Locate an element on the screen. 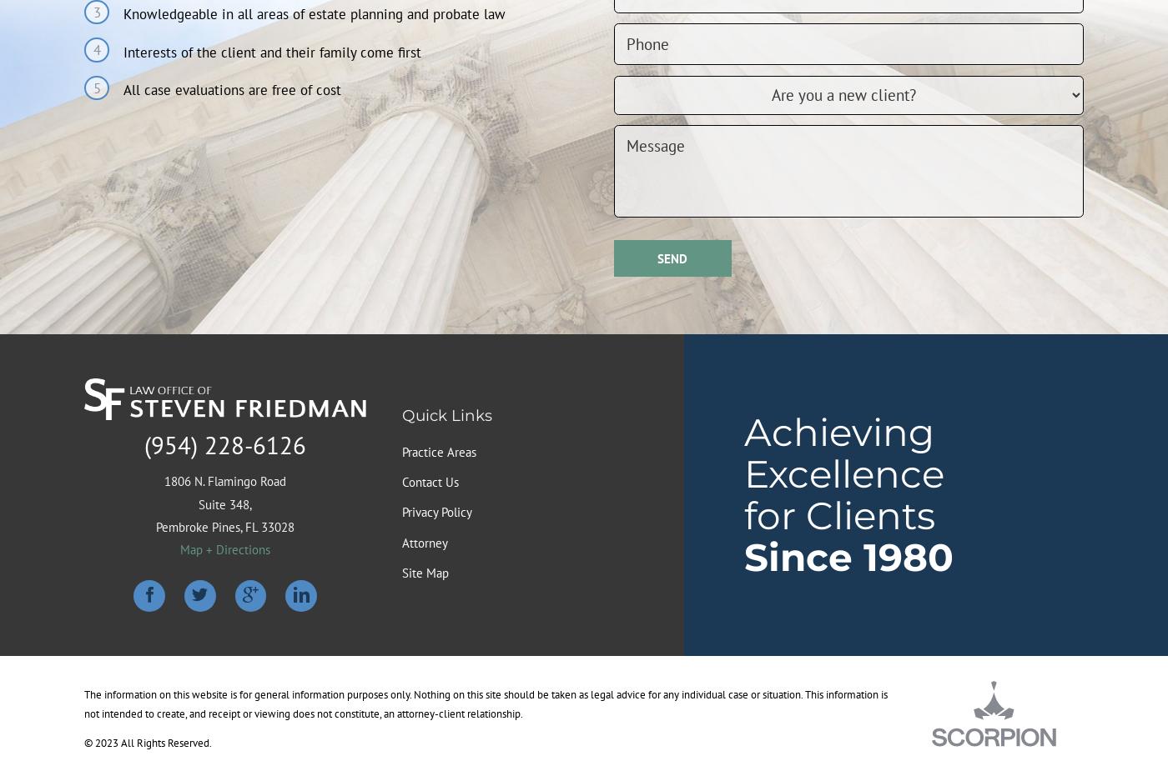 The width and height of the screenshot is (1168, 771). '(954) 228-6126' is located at coordinates (225, 443).